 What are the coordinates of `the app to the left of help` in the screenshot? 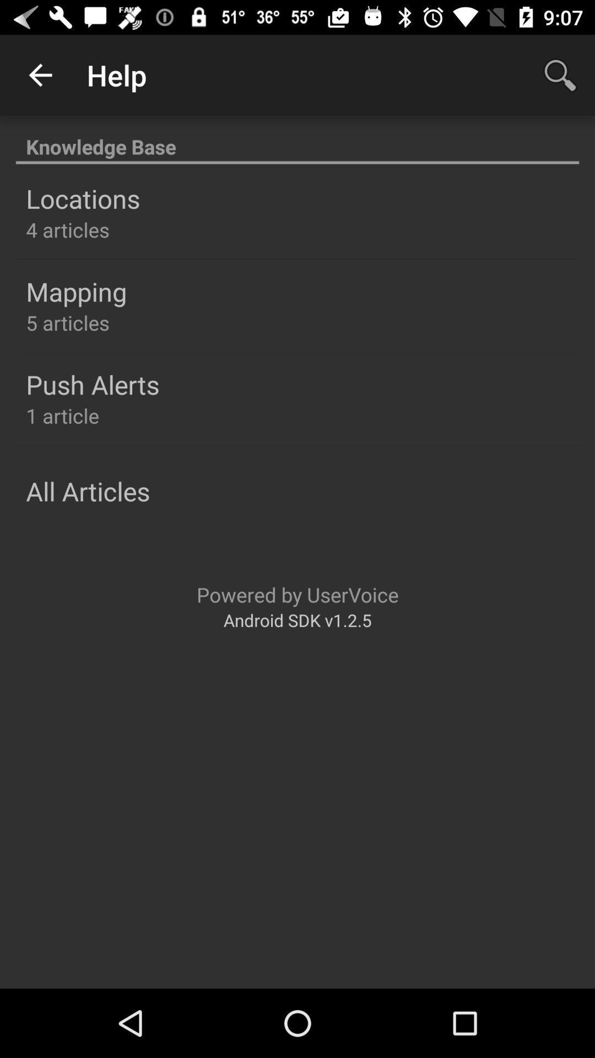 It's located at (40, 74).